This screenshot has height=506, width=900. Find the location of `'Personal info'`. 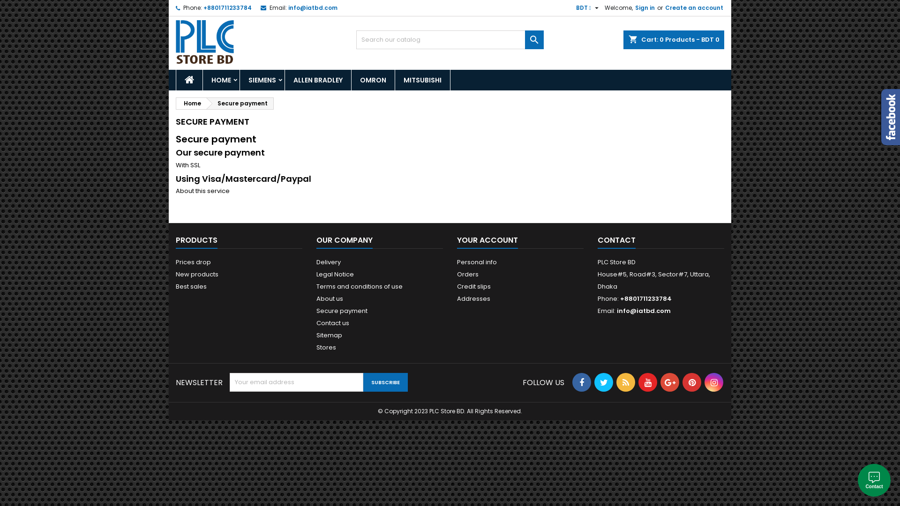

'Personal info' is located at coordinates (477, 262).